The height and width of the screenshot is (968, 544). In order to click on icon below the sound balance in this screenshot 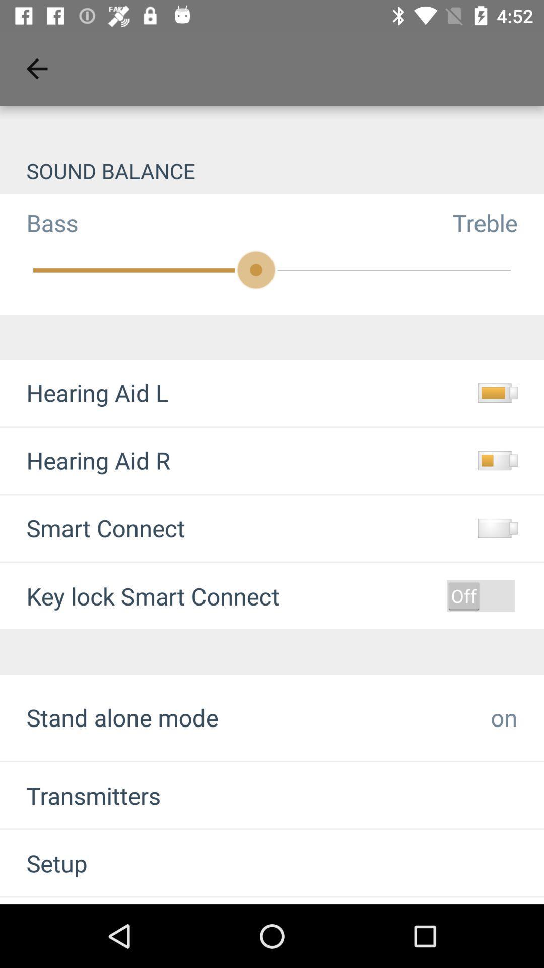, I will do `click(38, 222)`.